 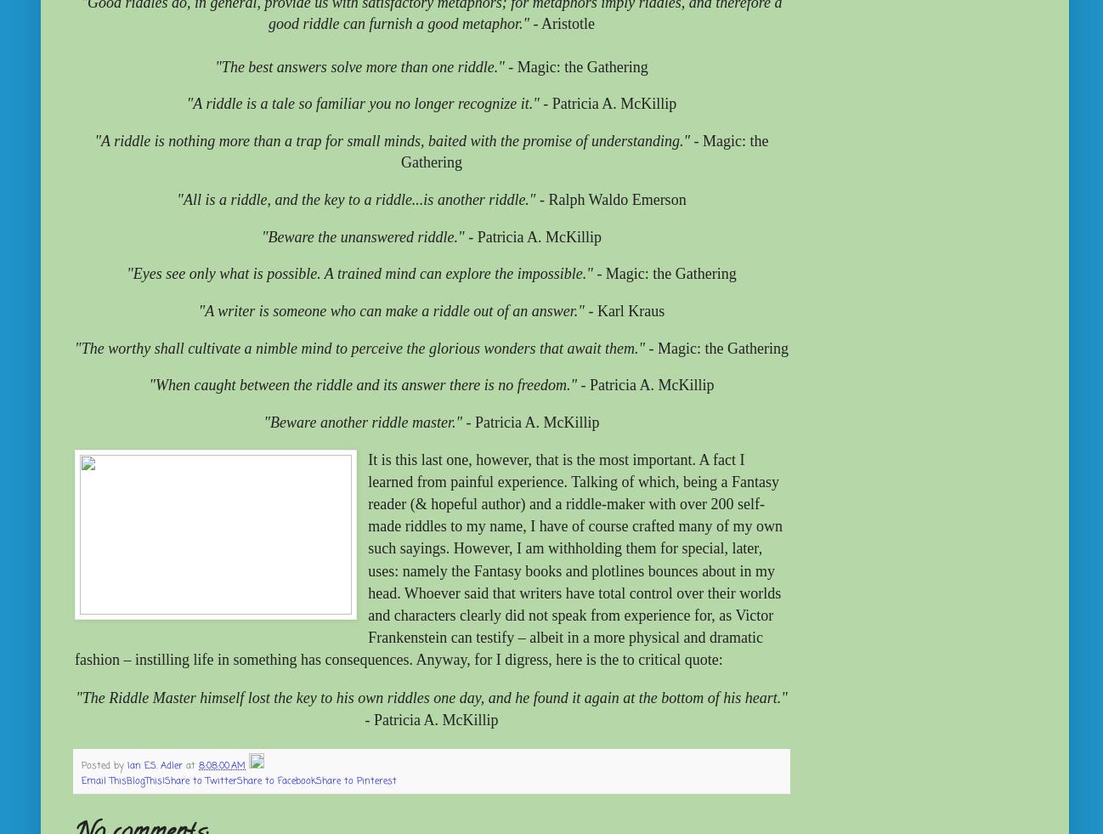 I want to click on '- Patricia A. McKillip', so click(x=431, y=719).